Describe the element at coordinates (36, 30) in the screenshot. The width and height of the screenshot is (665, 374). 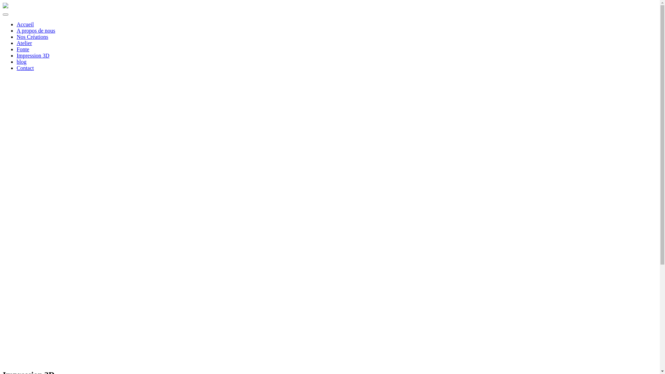
I see `'A propos de nous'` at that location.